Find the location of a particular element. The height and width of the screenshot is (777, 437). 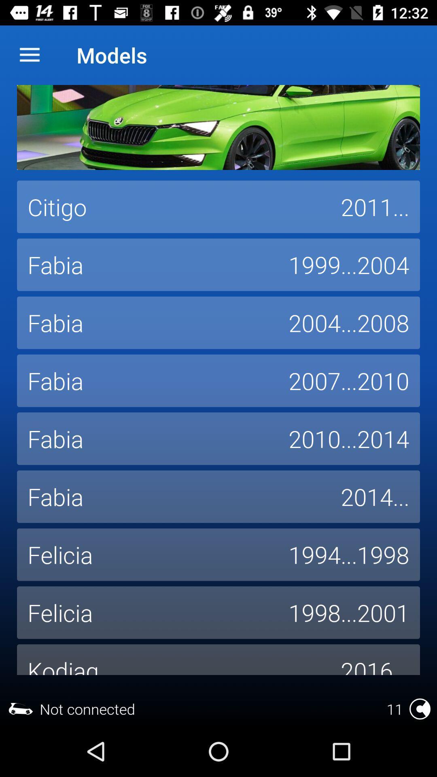

the citigo item is located at coordinates (173, 207).